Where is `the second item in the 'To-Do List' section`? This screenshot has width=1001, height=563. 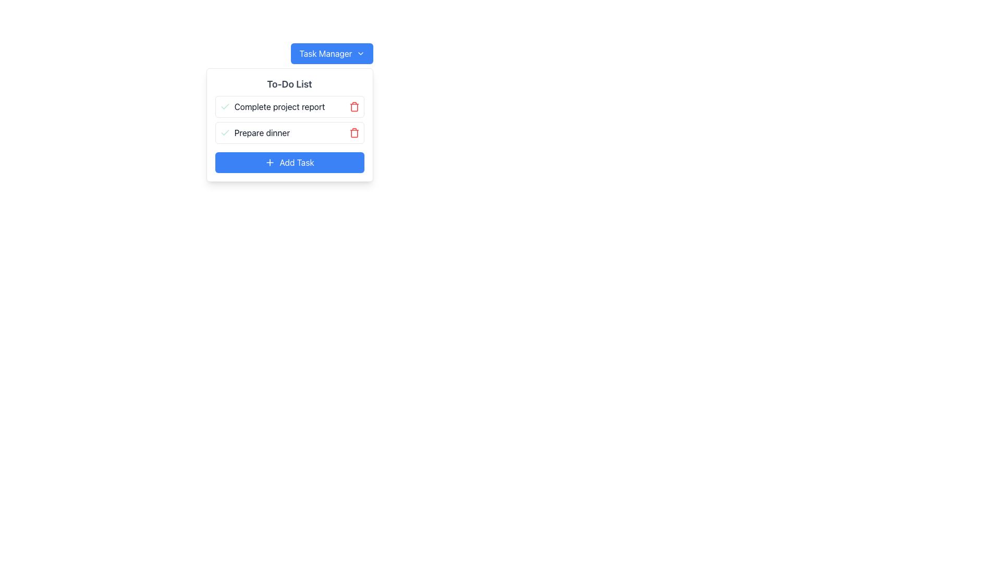 the second item in the 'To-Do List' section is located at coordinates (289, 124).